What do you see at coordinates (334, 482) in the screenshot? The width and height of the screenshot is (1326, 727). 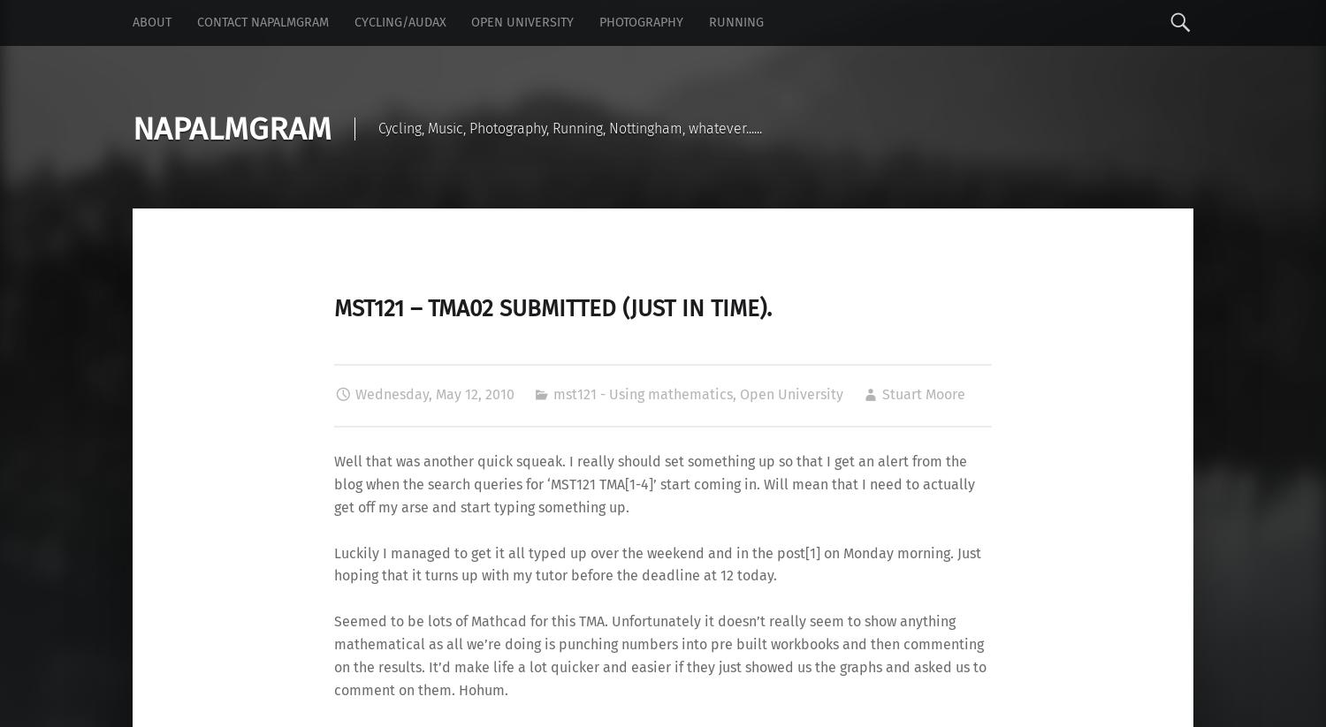 I see `'Well that was another quick squeak. I really should set something up so that I get an alert from the blog when the search queries for ‘MST121 TMA[1-4]’ start coming in. Will mean that I need to actually get off my arse and start typing something up.'` at bounding box center [334, 482].